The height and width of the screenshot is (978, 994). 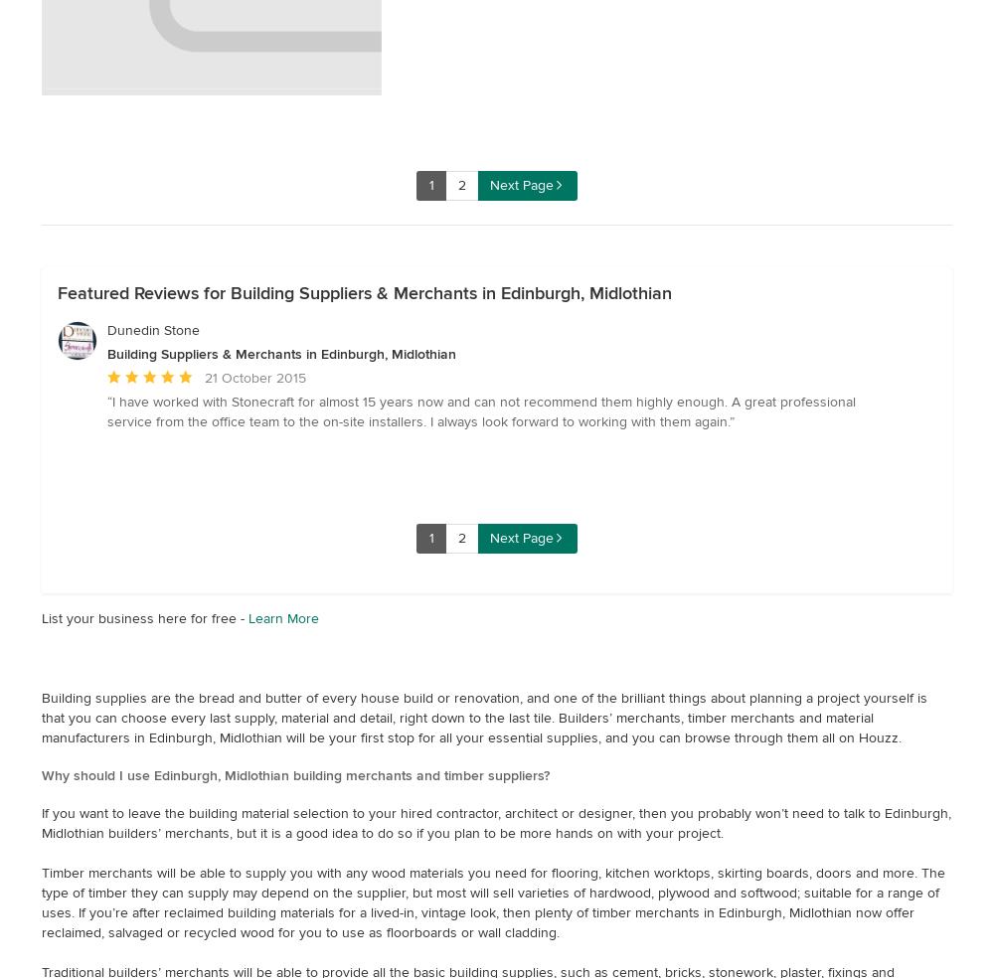 What do you see at coordinates (480, 410) in the screenshot?
I see `'I have worked with Stonecraft for almost 15 years now and can not recommend them highly enough. A great professional service from the office team to the on-site installers. I always look forward to working with them again.'` at bounding box center [480, 410].